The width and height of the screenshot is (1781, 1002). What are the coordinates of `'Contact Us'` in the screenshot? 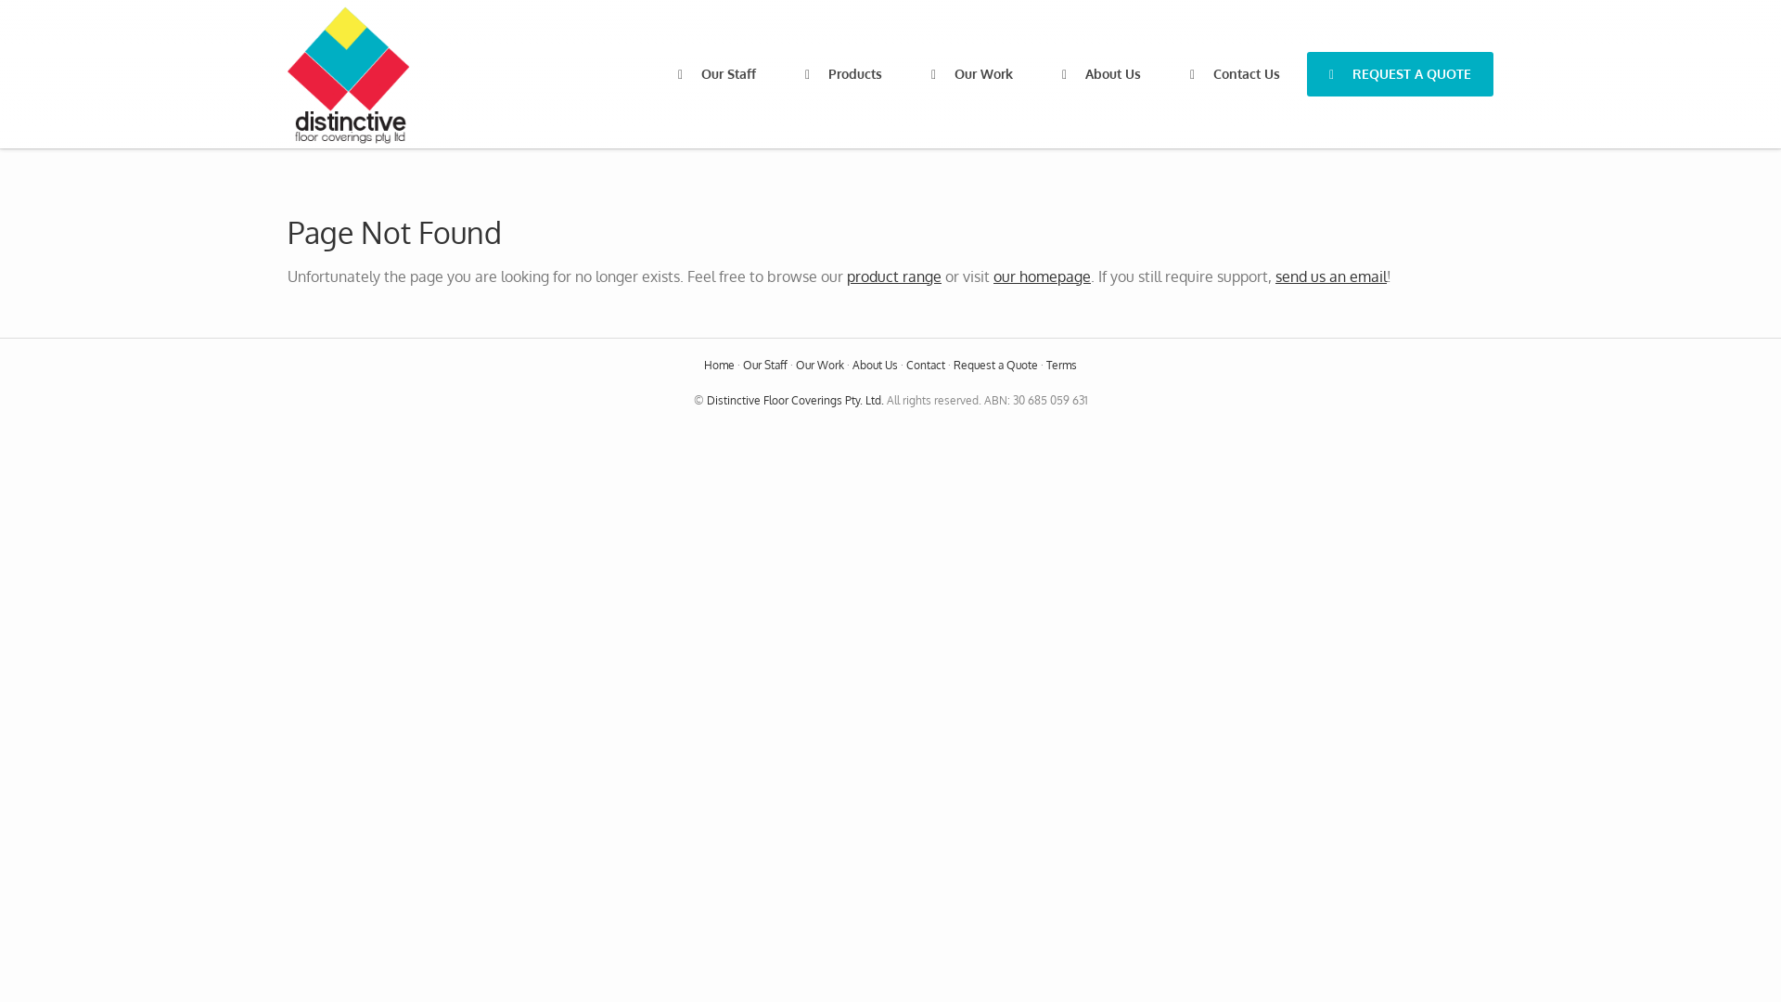 It's located at (1235, 73).